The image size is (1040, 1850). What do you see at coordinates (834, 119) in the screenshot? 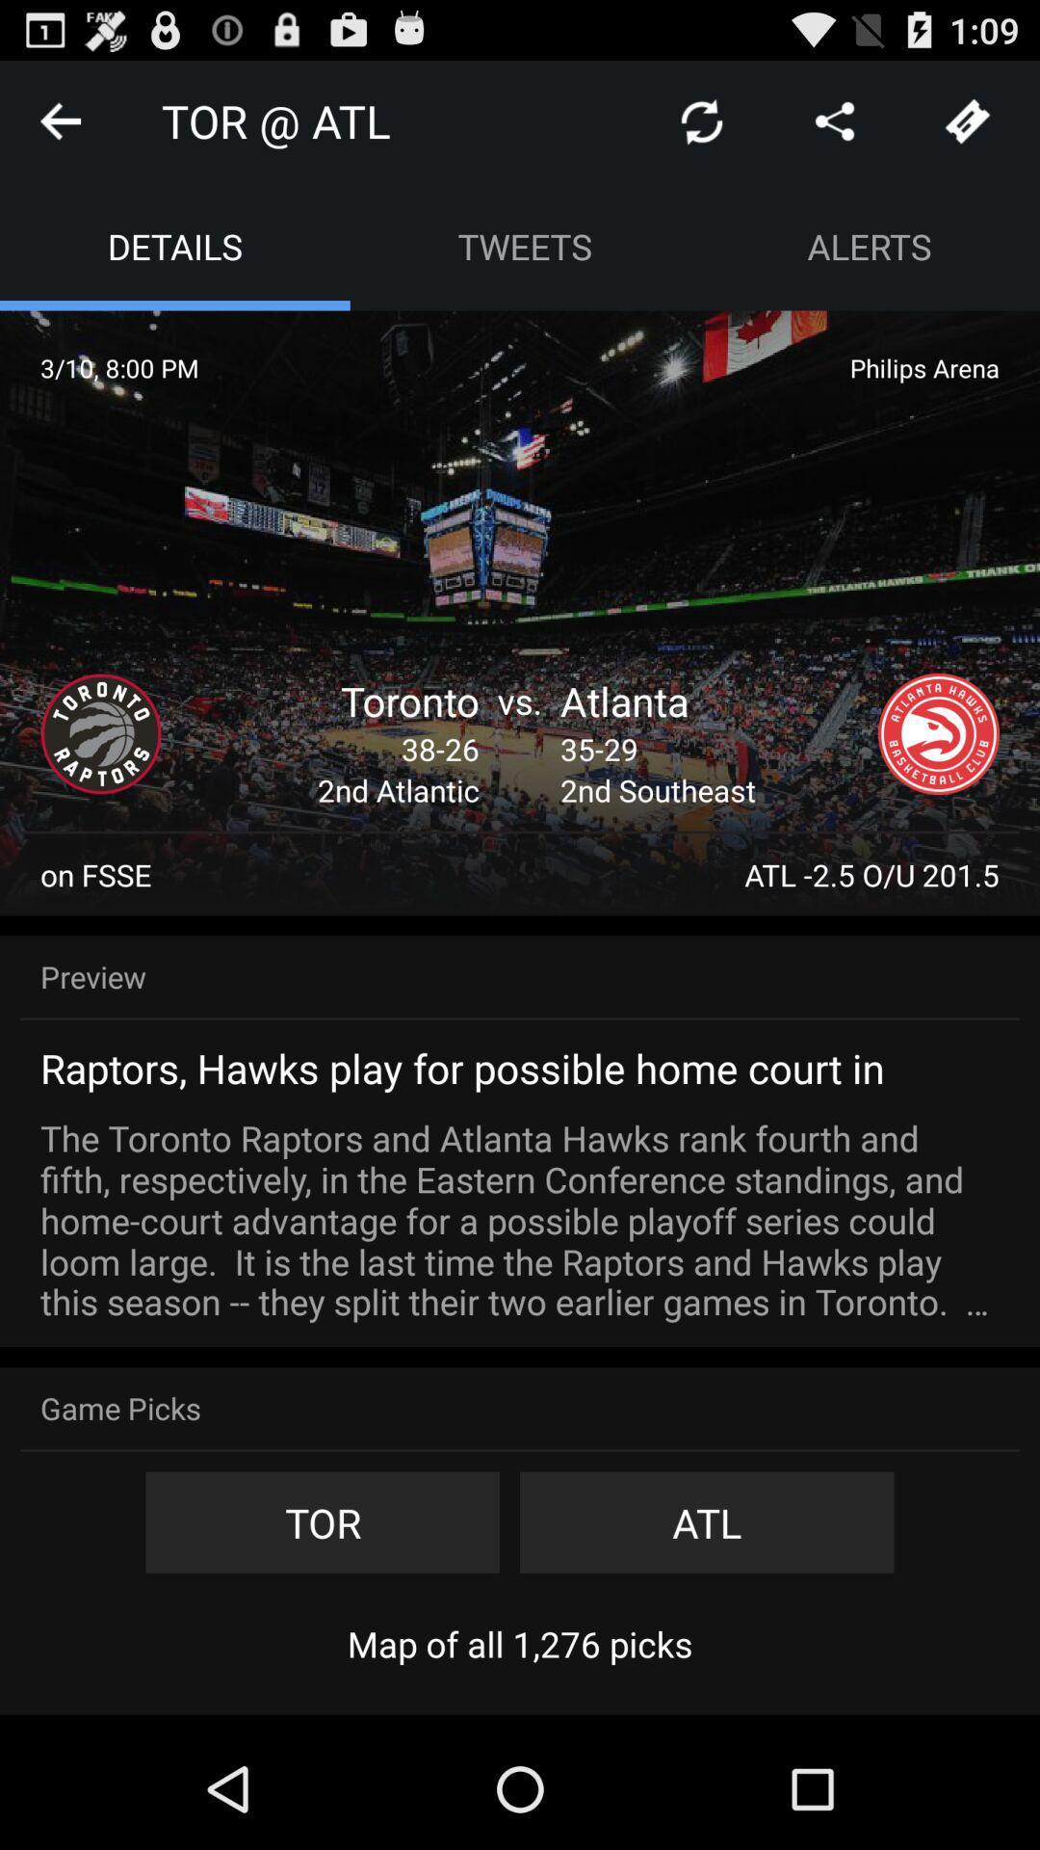
I see `show directions` at bounding box center [834, 119].